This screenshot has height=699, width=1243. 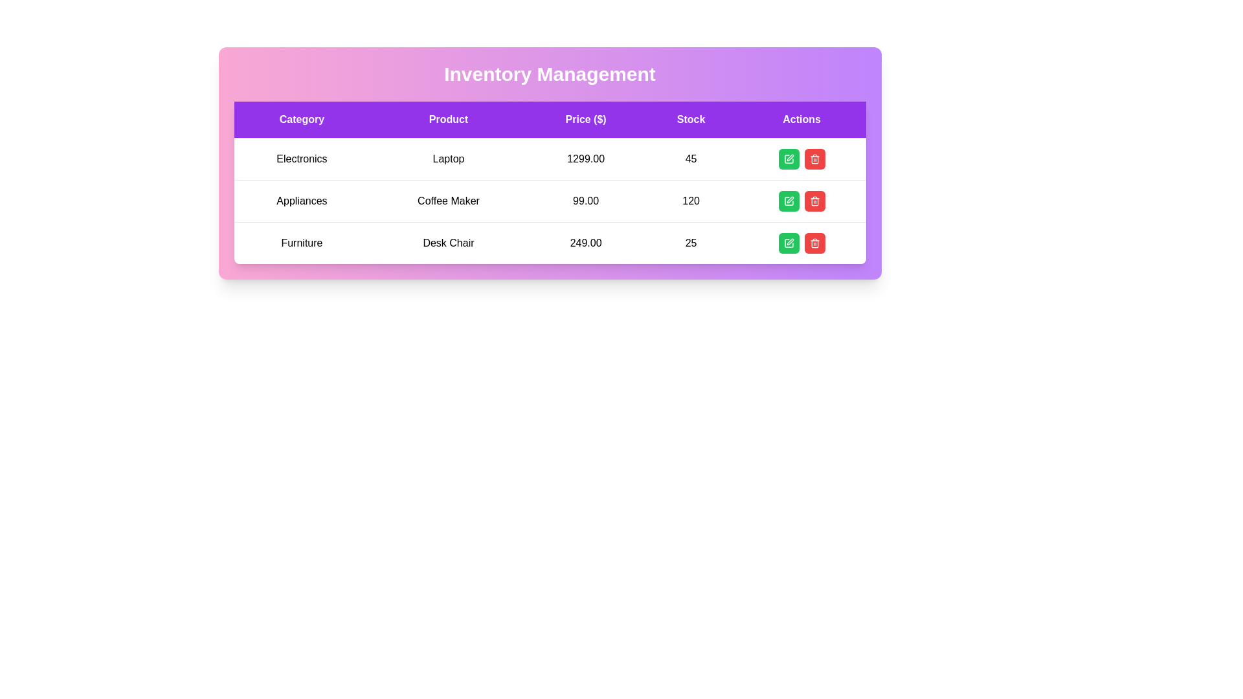 I want to click on the edit icon representing a pen or editing tool located in the 'Actions' column of the last row of the inventory table for the 'Desk Chair' item, so click(x=789, y=242).